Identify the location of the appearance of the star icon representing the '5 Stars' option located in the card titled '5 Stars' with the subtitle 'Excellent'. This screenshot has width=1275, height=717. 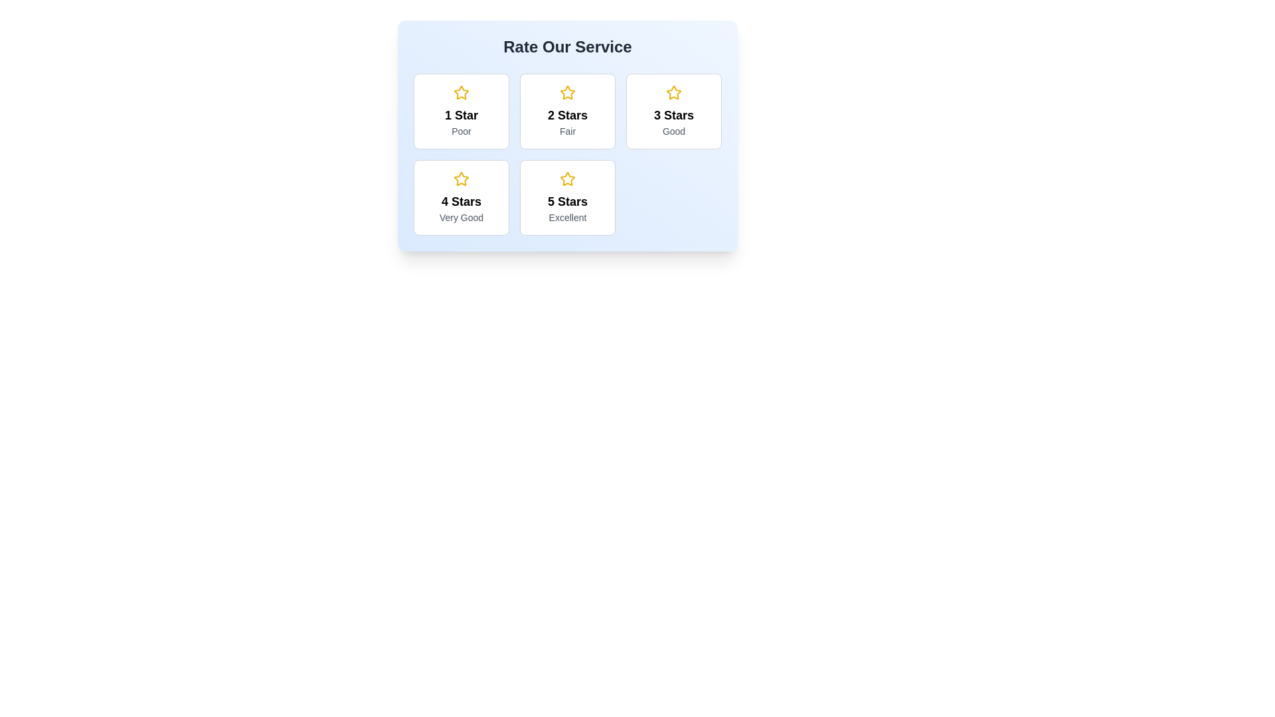
(567, 179).